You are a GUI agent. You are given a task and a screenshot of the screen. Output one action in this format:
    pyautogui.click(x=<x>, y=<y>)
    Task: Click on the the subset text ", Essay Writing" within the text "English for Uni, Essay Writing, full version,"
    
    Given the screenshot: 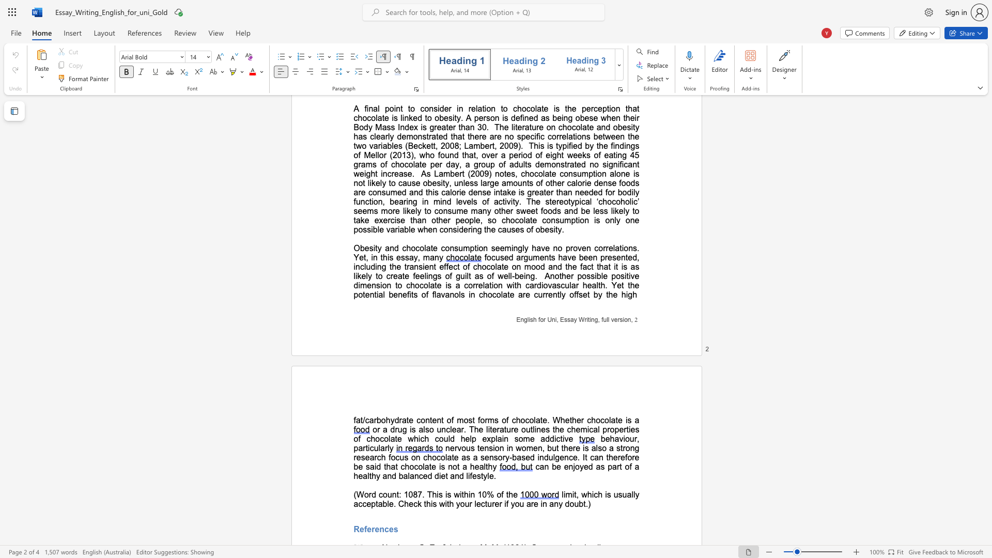 What is the action you would take?
    pyautogui.click(x=556, y=319)
    